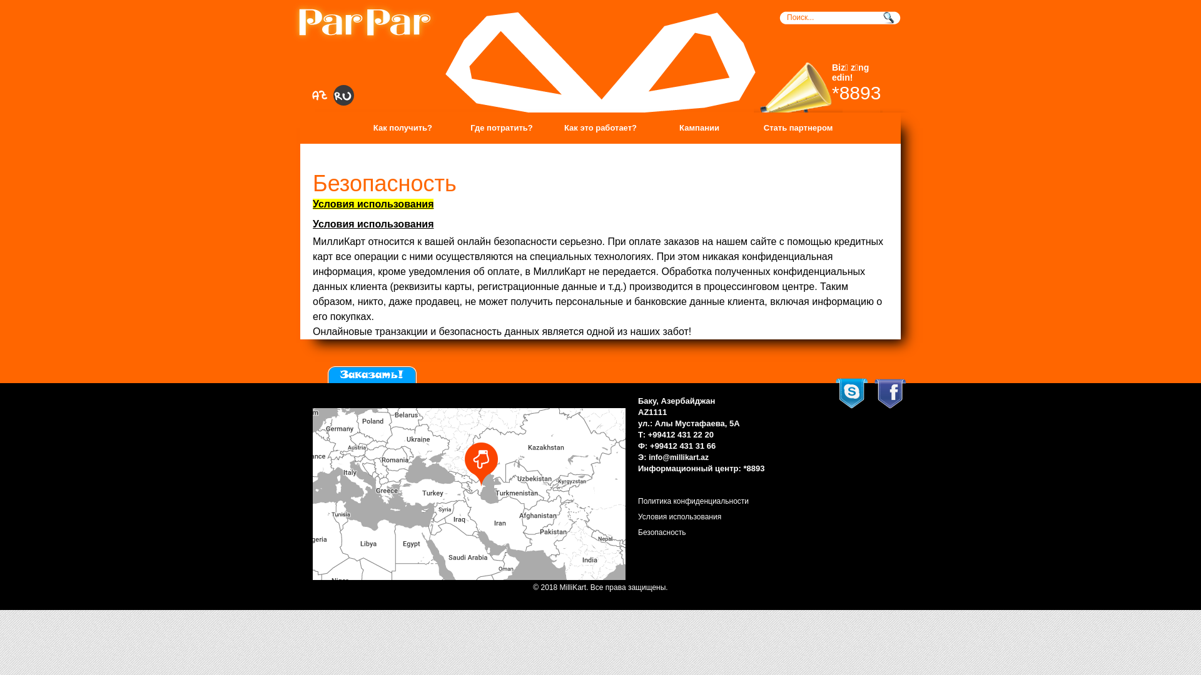  What do you see at coordinates (343, 95) in the screenshot?
I see `'Russian (RU)'` at bounding box center [343, 95].